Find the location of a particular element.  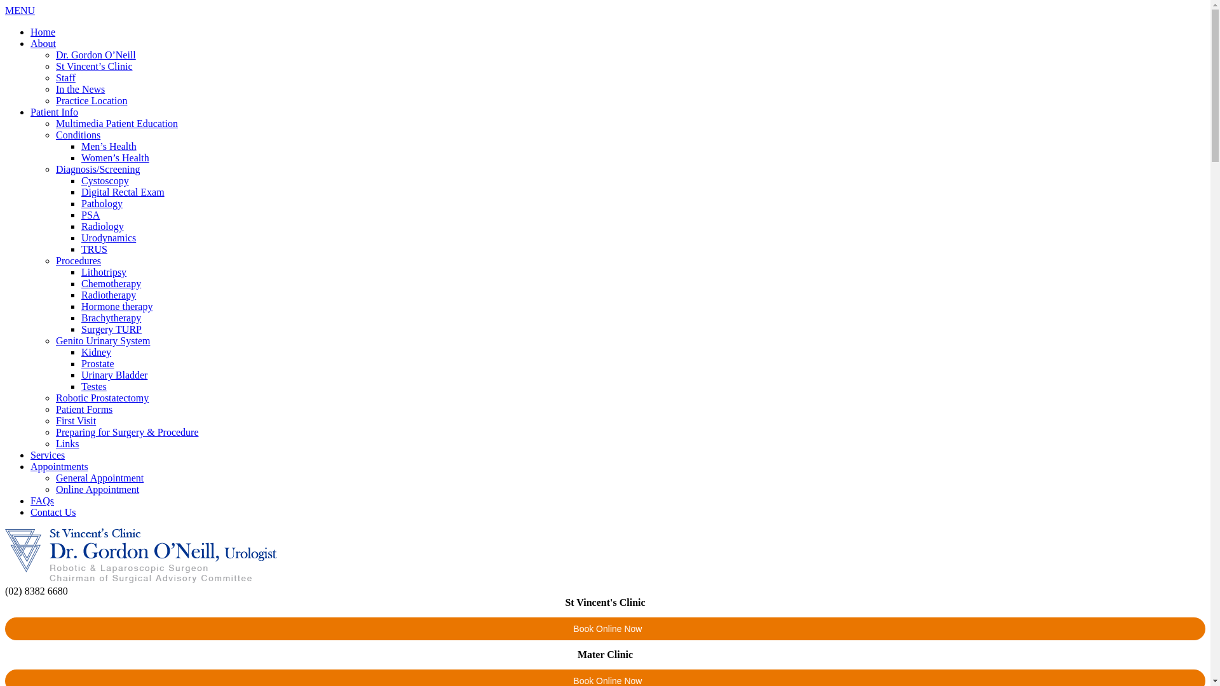

'First Visit' is located at coordinates (75, 420).